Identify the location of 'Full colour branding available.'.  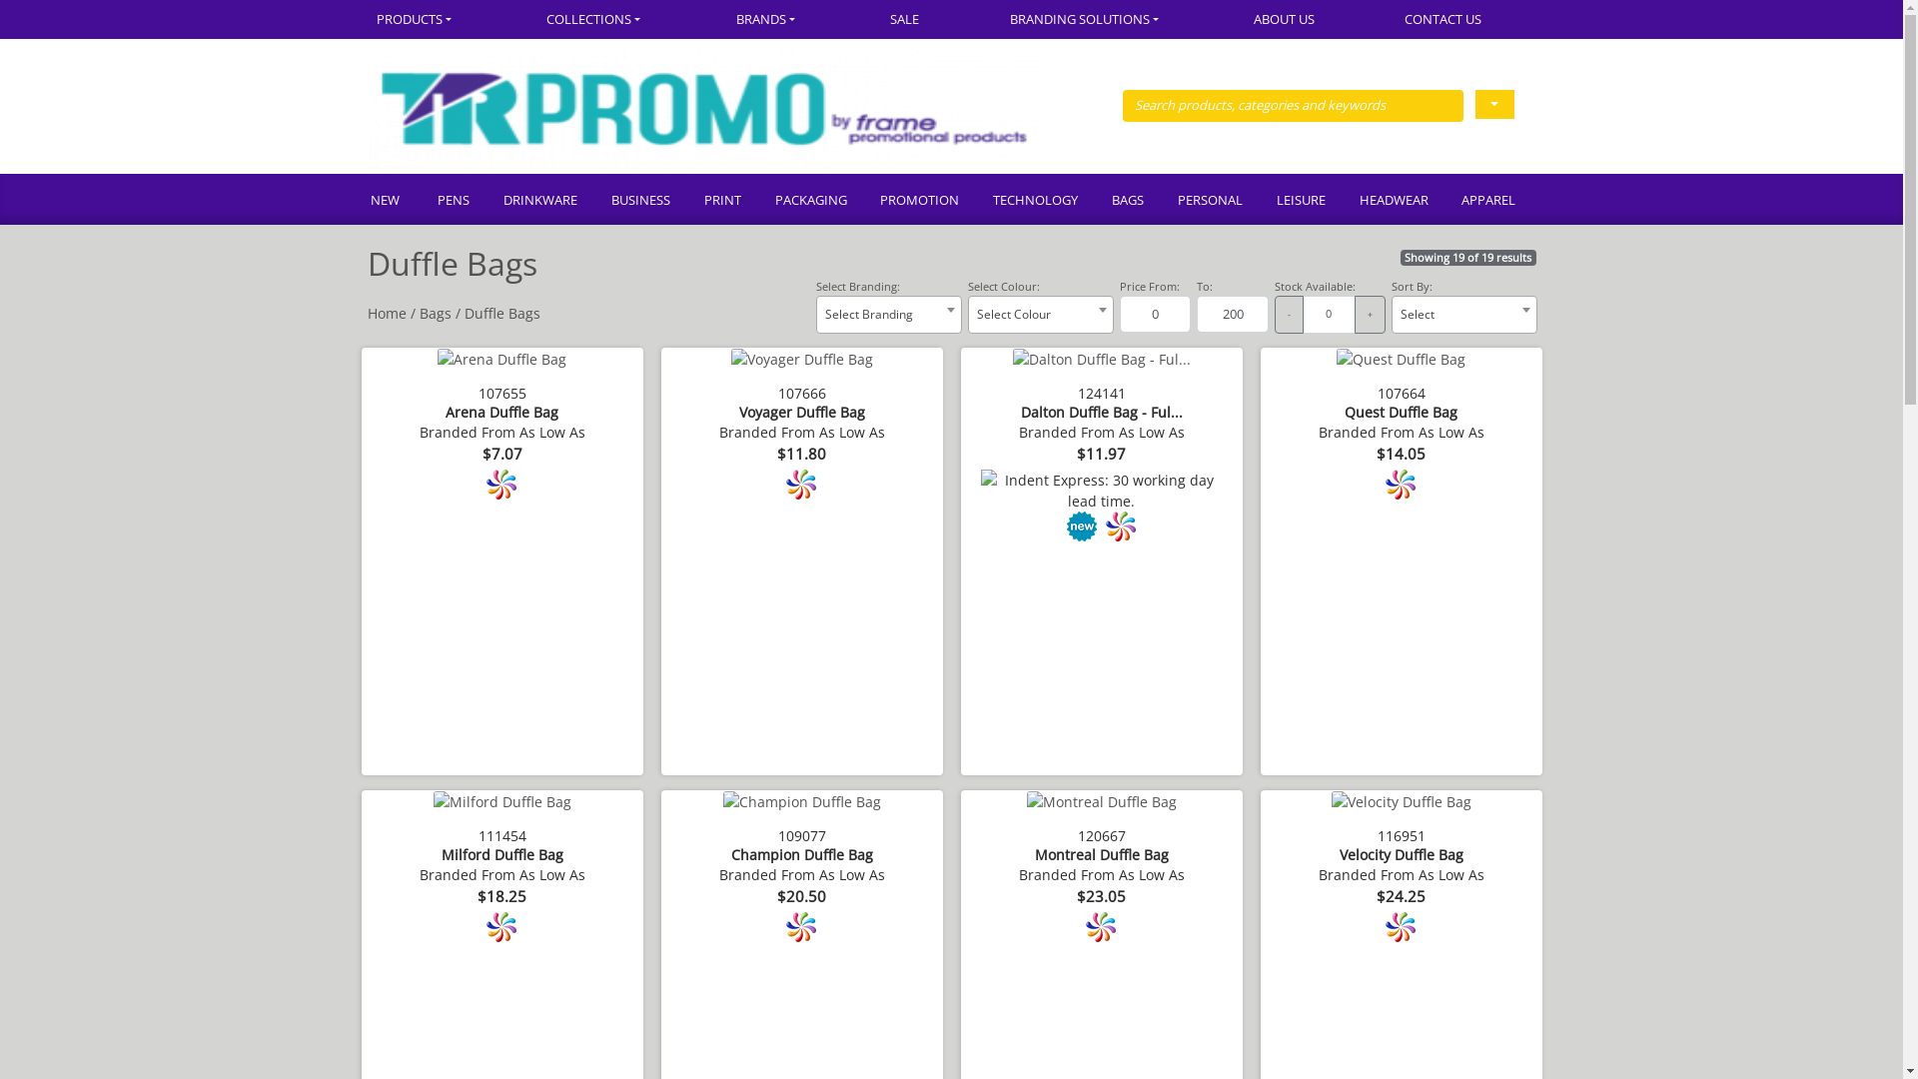
(801, 485).